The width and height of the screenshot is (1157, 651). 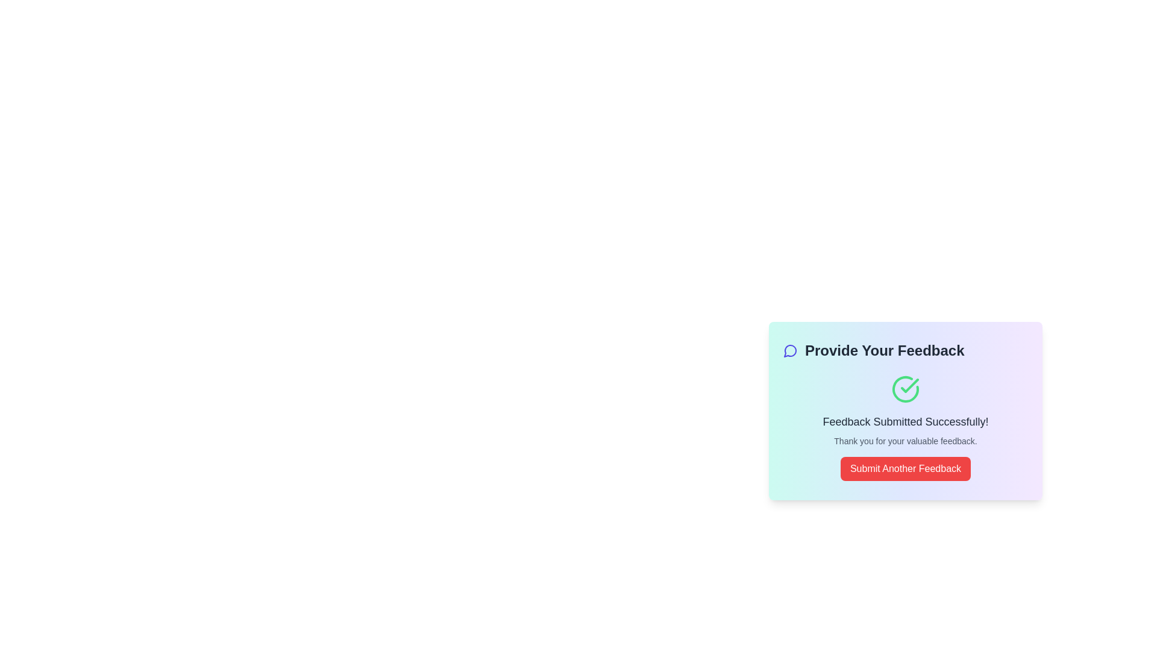 What do you see at coordinates (905, 389) in the screenshot?
I see `the outer circular part of the success icon, which is located in the confirmation modal and has a green stroke indicating a positive action` at bounding box center [905, 389].